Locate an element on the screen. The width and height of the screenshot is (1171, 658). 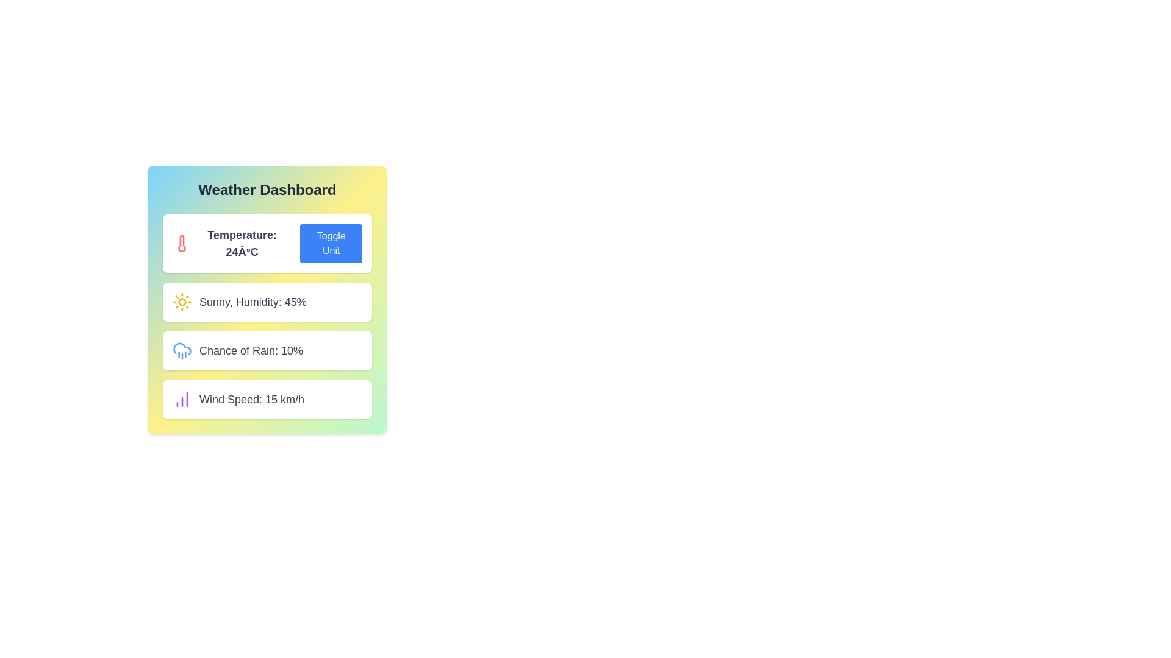
the text label displaying 'Temperature: 24Â°C', which is bold and dark gray, located between a red thermometer icon and a blue button labeled 'Toggle Unit' in the upper section of a weather dashboard is located at coordinates (242, 244).